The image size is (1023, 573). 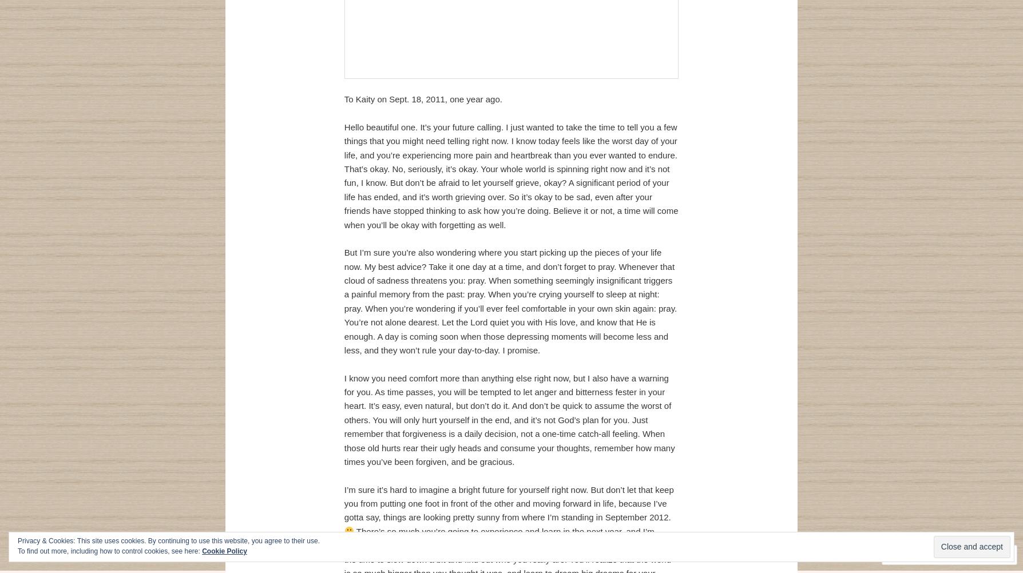 What do you see at coordinates (902, 554) in the screenshot?
I see `'Comment'` at bounding box center [902, 554].